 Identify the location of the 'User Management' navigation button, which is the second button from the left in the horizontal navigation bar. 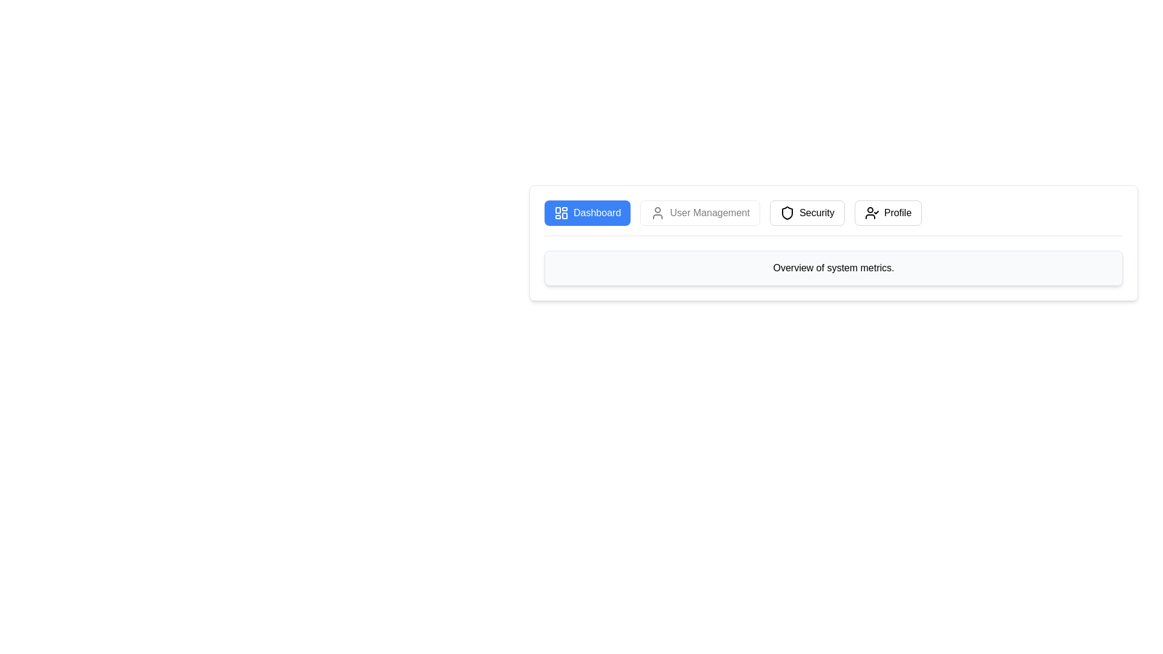
(700, 212).